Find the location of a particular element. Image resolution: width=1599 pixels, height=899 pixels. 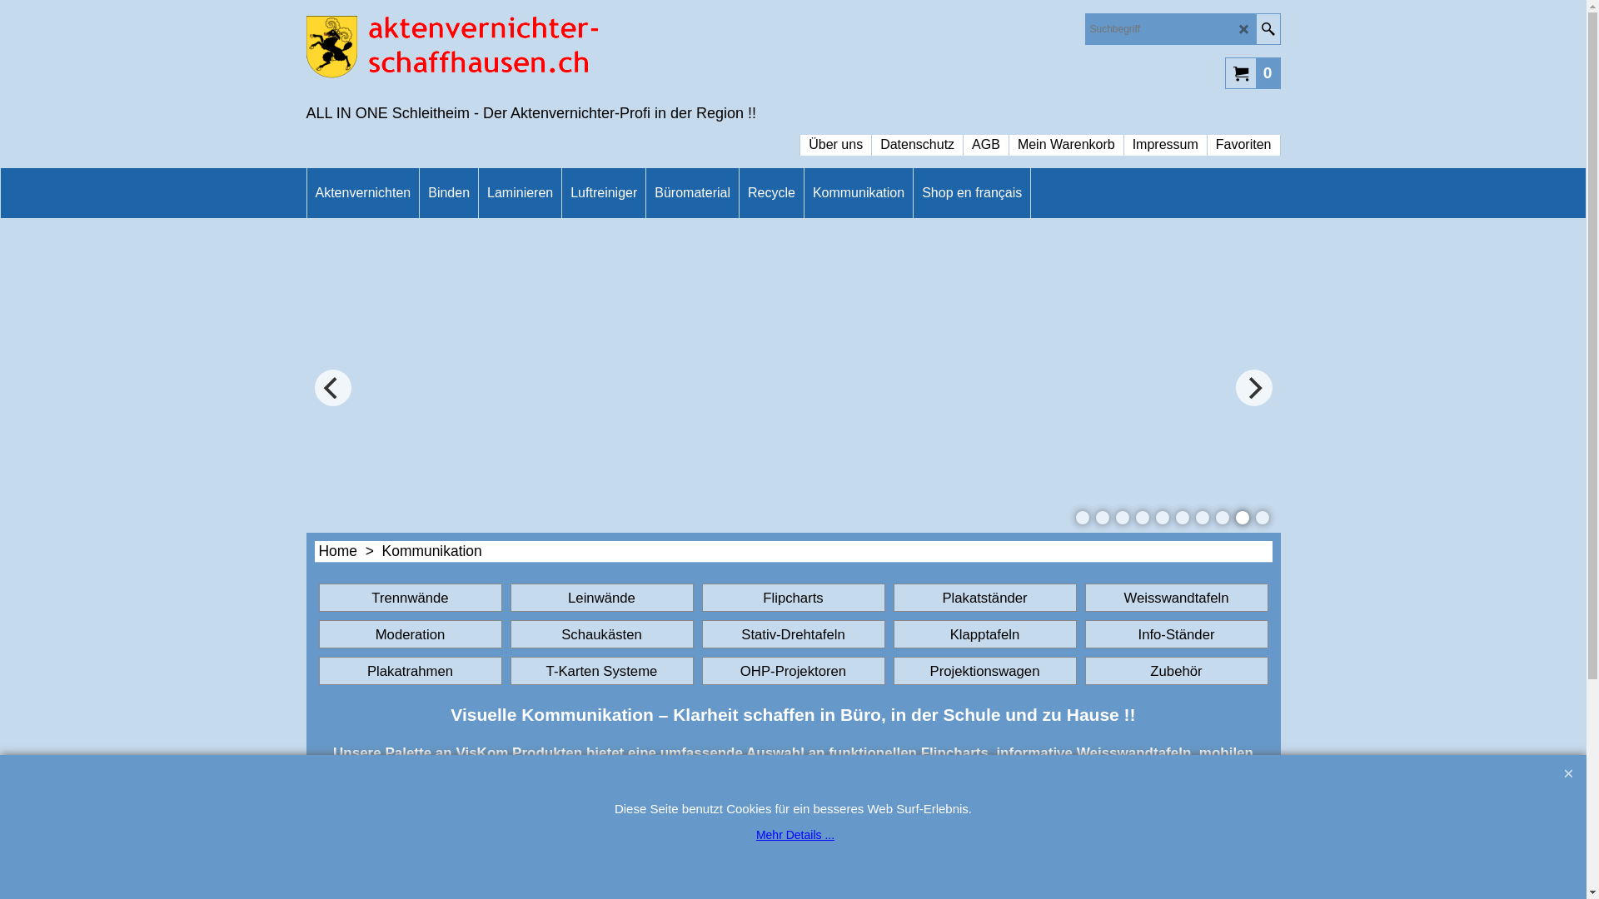

'Home  > ' is located at coordinates (349, 551).